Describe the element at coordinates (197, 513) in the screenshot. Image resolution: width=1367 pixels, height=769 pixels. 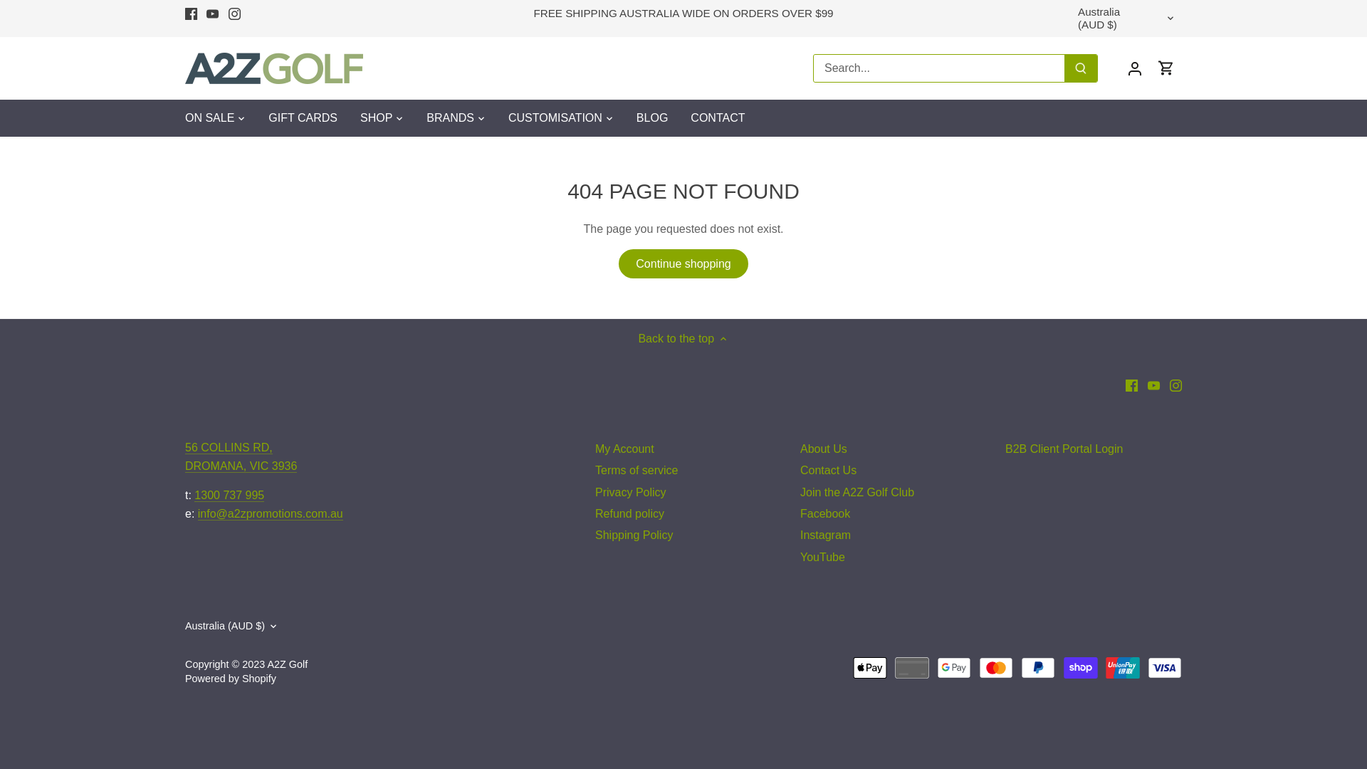
I see `'info@a2zpromotions.com.au'` at that location.